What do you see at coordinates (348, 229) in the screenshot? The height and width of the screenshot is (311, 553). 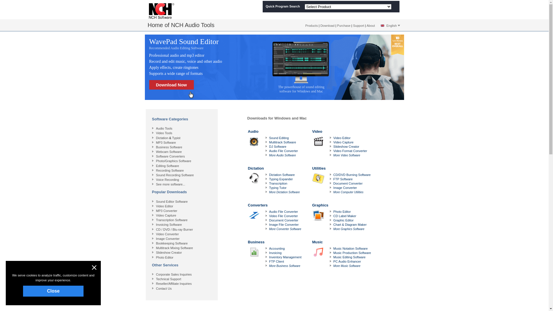 I see `'More Graphics Software'` at bounding box center [348, 229].